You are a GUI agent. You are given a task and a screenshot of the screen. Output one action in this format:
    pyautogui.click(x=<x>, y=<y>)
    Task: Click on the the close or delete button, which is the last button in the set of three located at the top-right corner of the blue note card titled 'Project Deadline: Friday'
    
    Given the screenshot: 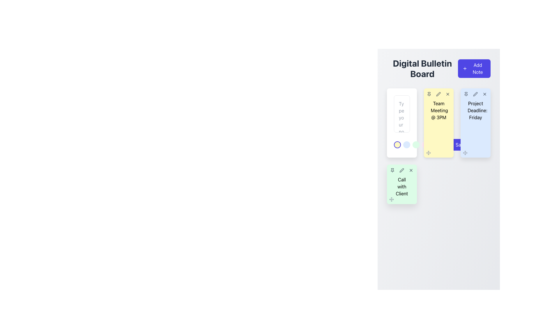 What is the action you would take?
    pyautogui.click(x=485, y=94)
    